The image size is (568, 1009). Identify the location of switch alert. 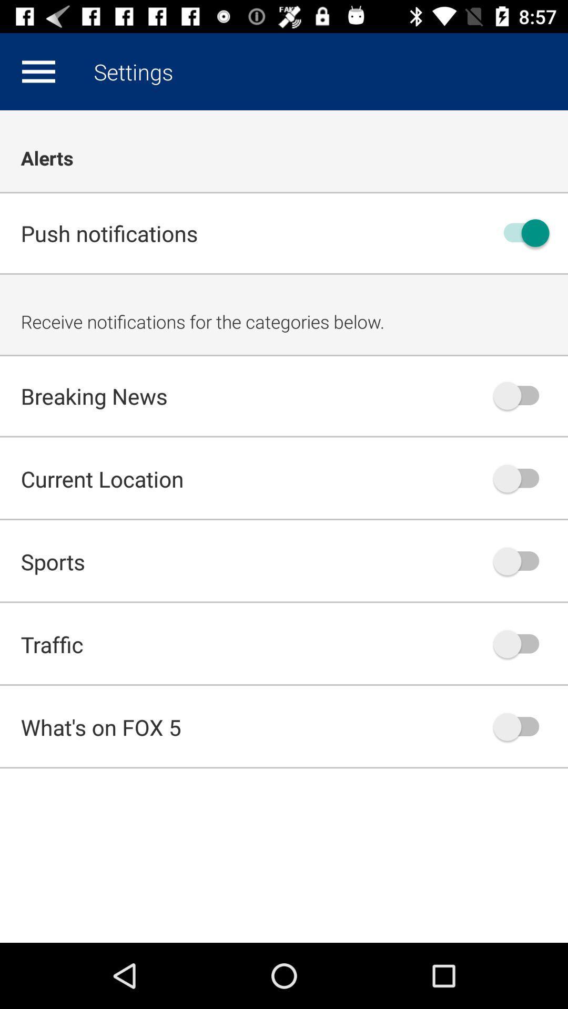
(521, 395).